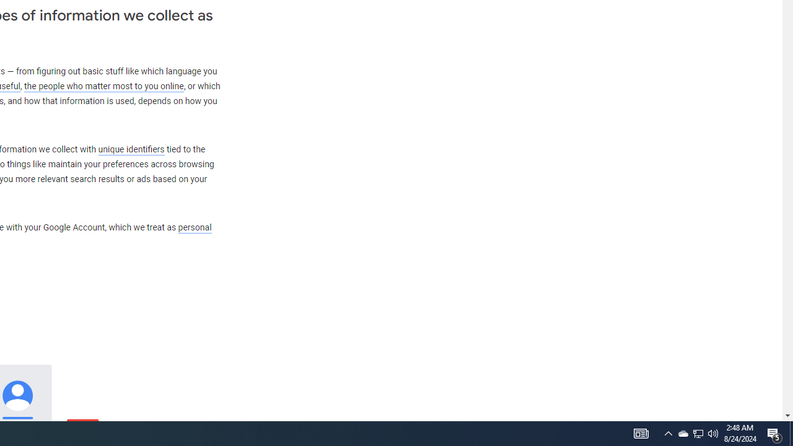 The height and width of the screenshot is (446, 793). I want to click on 'unique identifiers', so click(131, 149).